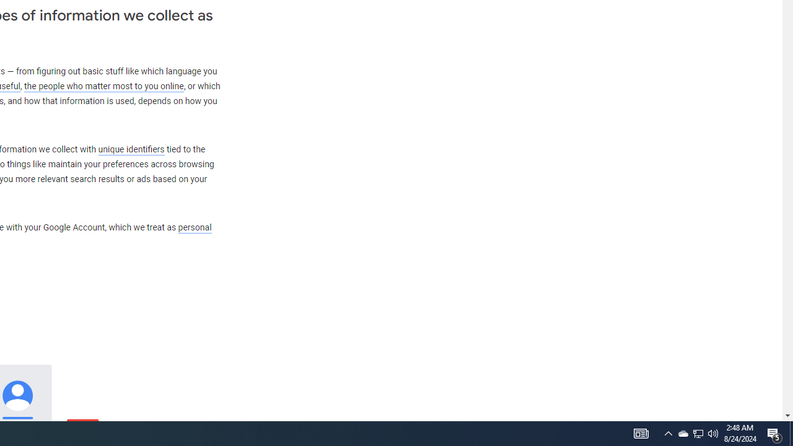 The height and width of the screenshot is (446, 793). I want to click on 'unique identifiers', so click(131, 149).